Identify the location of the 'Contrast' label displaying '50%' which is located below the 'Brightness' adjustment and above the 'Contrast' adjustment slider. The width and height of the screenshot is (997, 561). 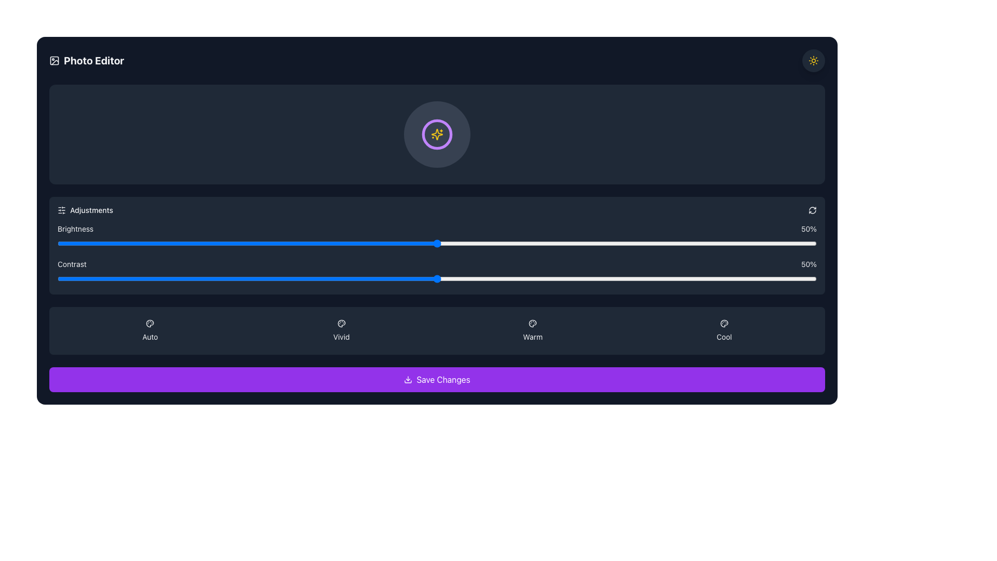
(437, 264).